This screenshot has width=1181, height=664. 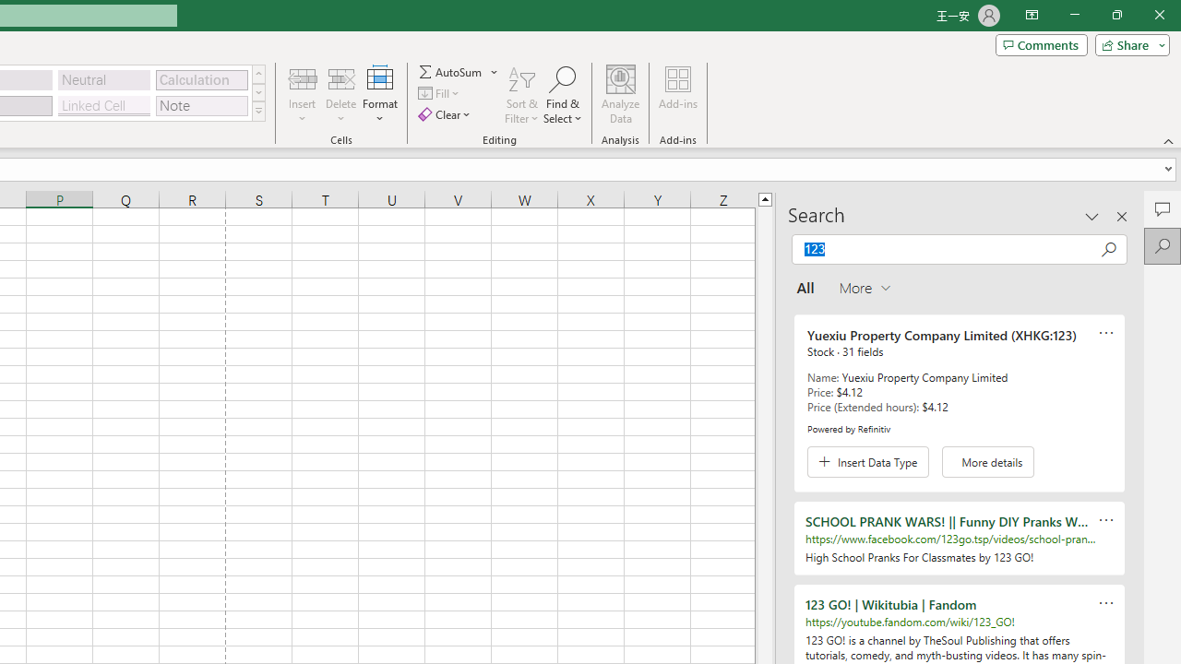 I want to click on 'Delete', so click(x=340, y=95).